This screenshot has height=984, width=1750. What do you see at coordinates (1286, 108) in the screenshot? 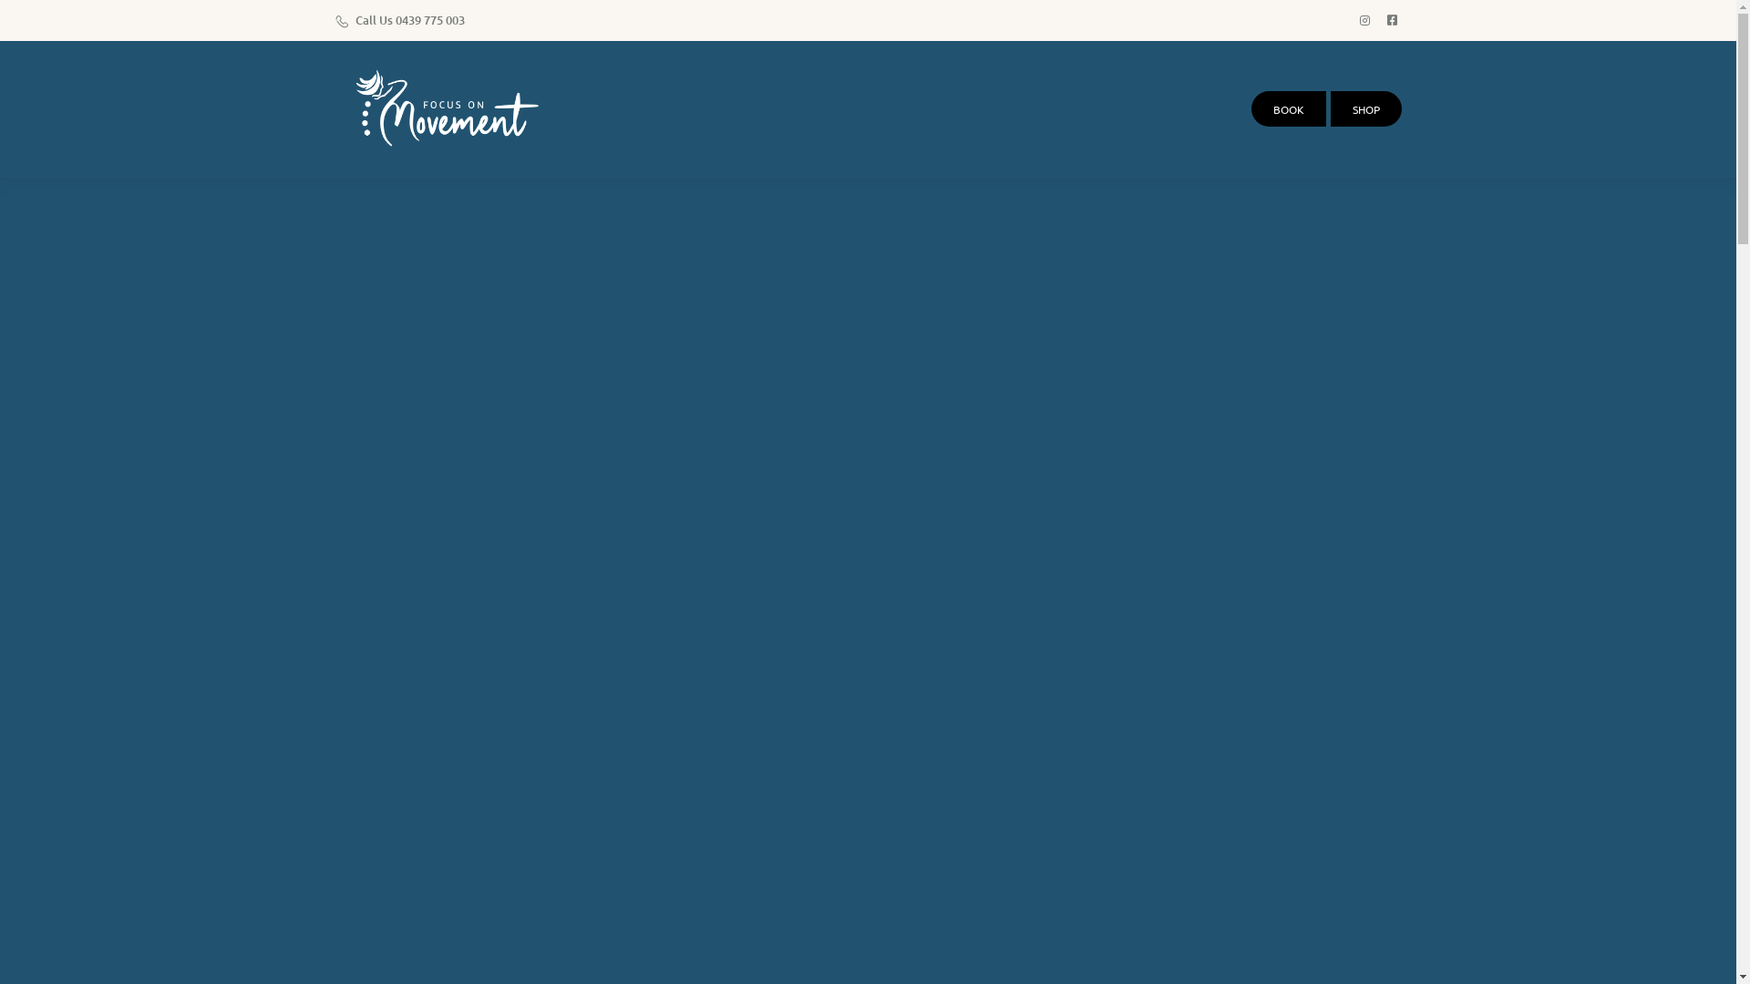
I see `'BOOK'` at bounding box center [1286, 108].